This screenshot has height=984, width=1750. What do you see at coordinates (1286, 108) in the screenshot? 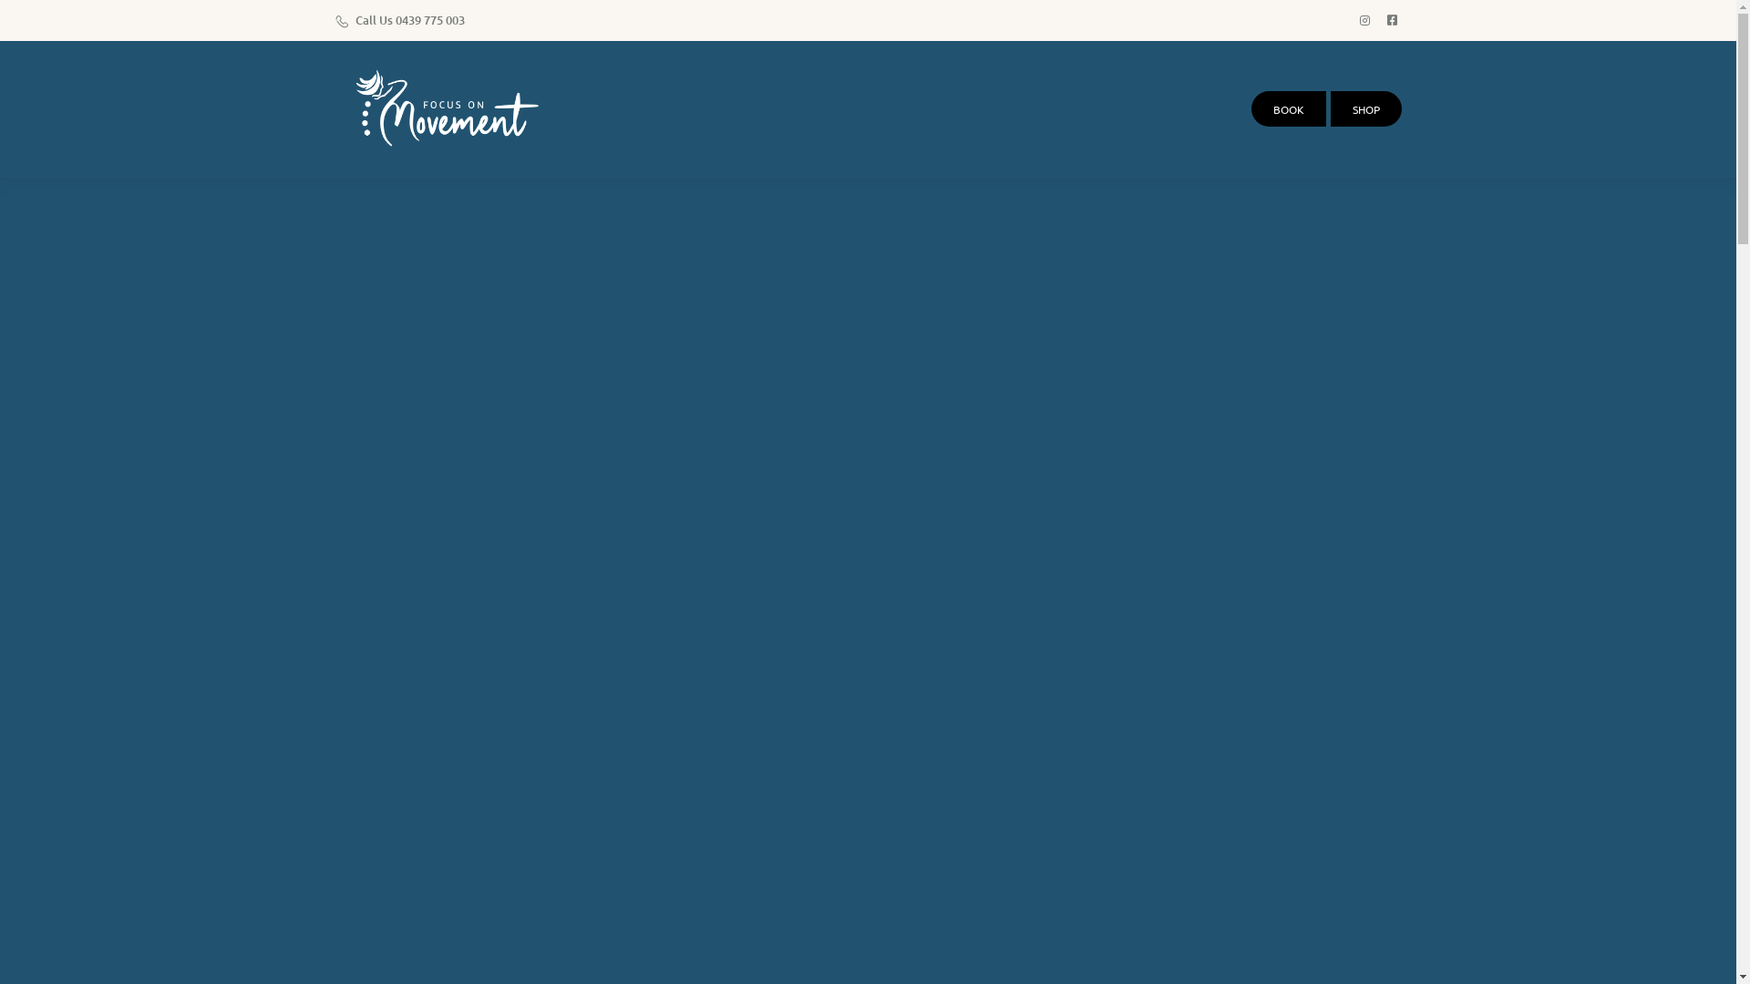
I see `'BOOK'` at bounding box center [1286, 108].